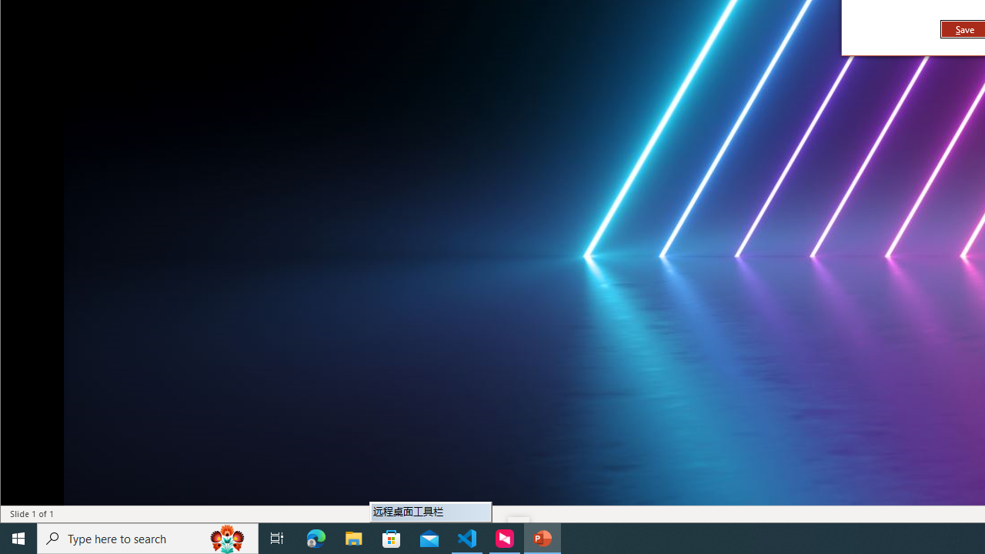 The width and height of the screenshot is (985, 554). Describe the element at coordinates (226, 537) in the screenshot. I see `'Search highlights icon opens search home window'` at that location.